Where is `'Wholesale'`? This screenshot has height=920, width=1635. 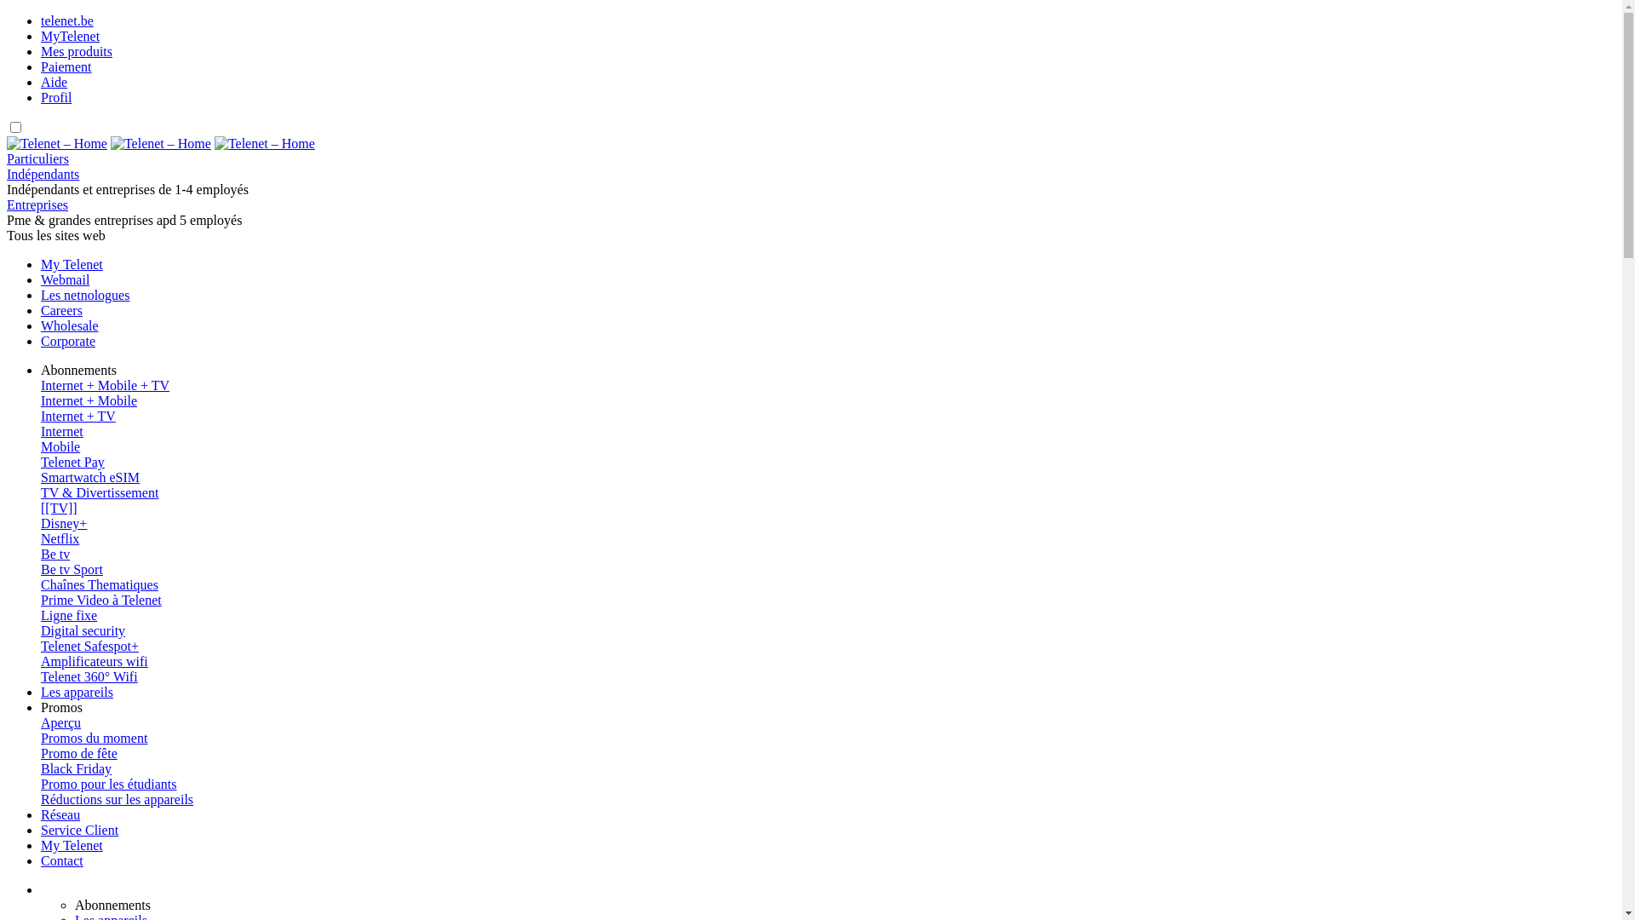 'Wholesale' is located at coordinates (41, 325).